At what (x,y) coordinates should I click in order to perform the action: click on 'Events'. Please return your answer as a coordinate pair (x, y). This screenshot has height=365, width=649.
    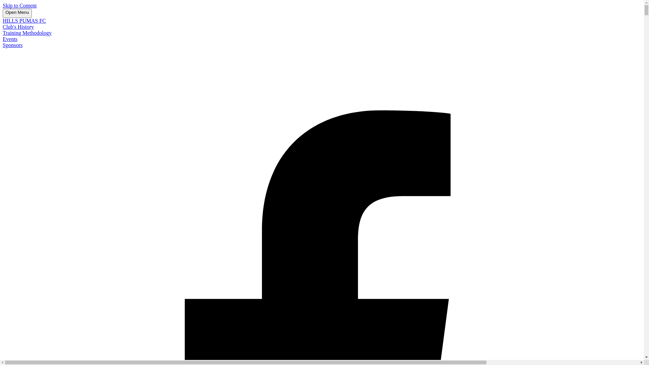
    Looking at the image, I should click on (10, 39).